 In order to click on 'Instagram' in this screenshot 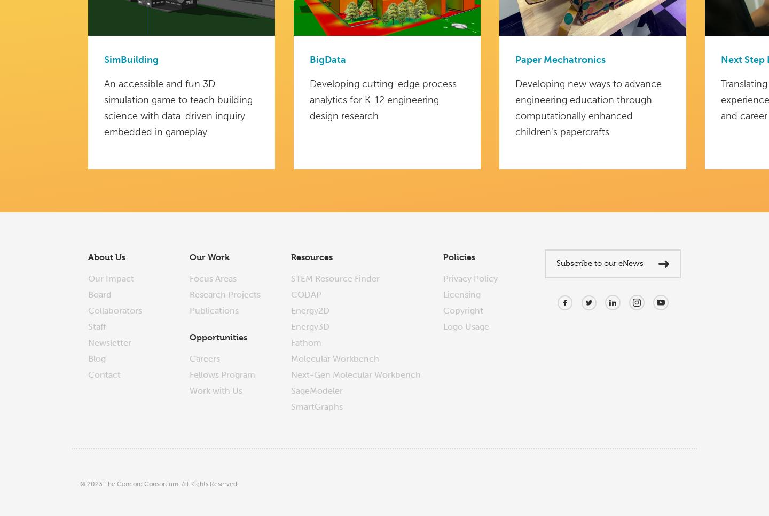, I will do `click(649, 318)`.